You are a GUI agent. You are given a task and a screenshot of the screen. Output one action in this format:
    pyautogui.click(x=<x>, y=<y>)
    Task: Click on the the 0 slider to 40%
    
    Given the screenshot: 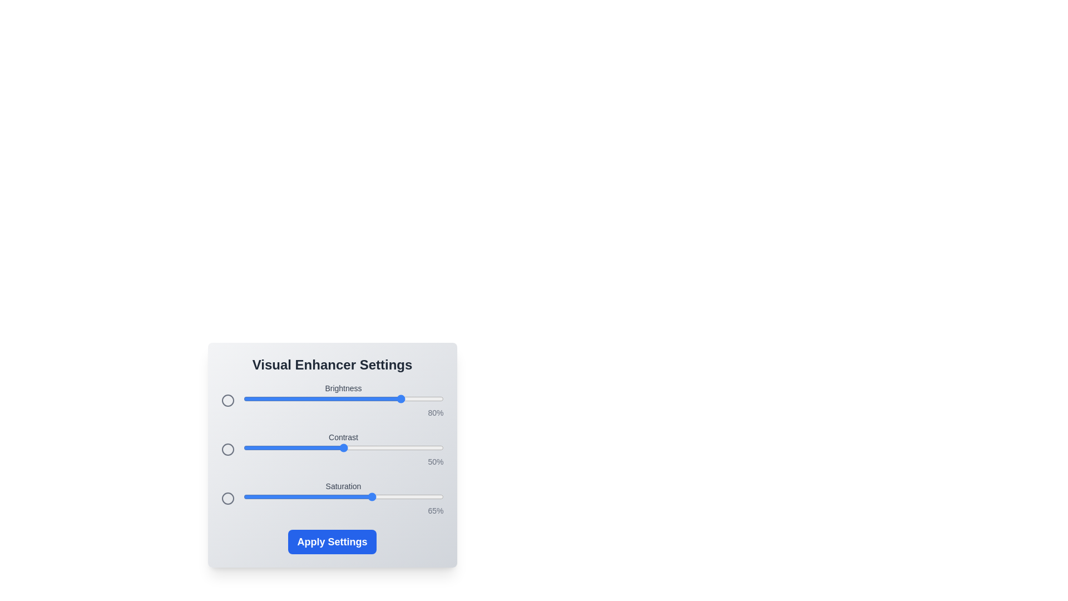 What is the action you would take?
    pyautogui.click(x=323, y=398)
    